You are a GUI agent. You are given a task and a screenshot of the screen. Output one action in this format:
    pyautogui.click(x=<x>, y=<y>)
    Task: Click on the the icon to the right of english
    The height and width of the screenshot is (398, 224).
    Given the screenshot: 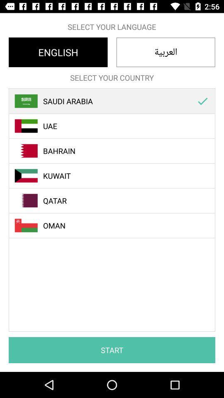 What is the action you would take?
    pyautogui.click(x=166, y=52)
    